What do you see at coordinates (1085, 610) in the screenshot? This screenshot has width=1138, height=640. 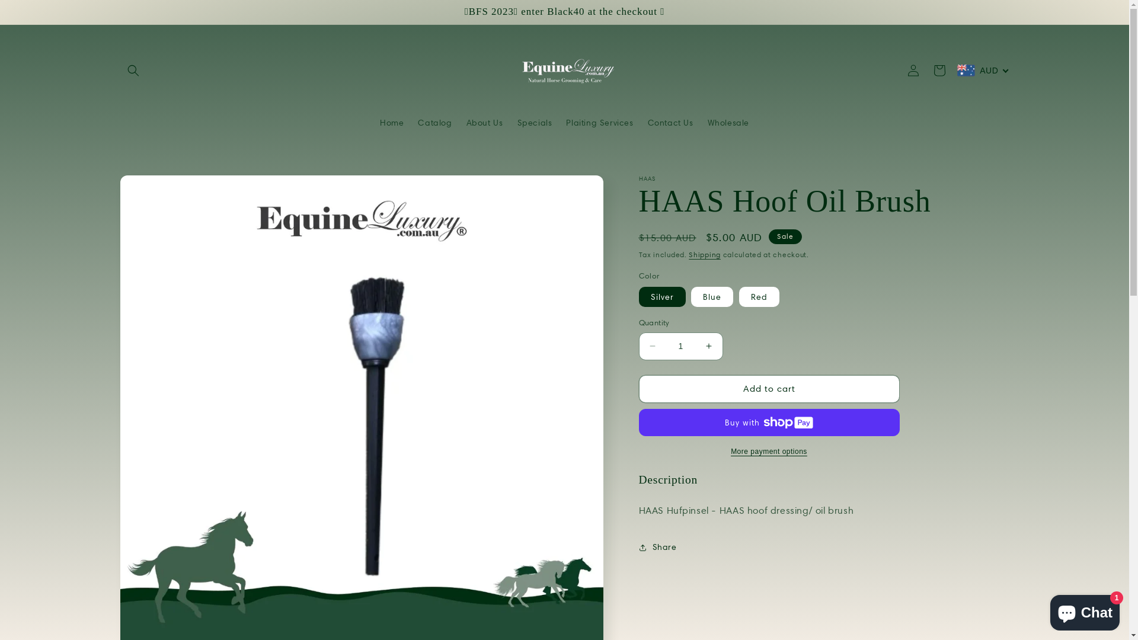 I see `'Shopify online store chat'` at bounding box center [1085, 610].